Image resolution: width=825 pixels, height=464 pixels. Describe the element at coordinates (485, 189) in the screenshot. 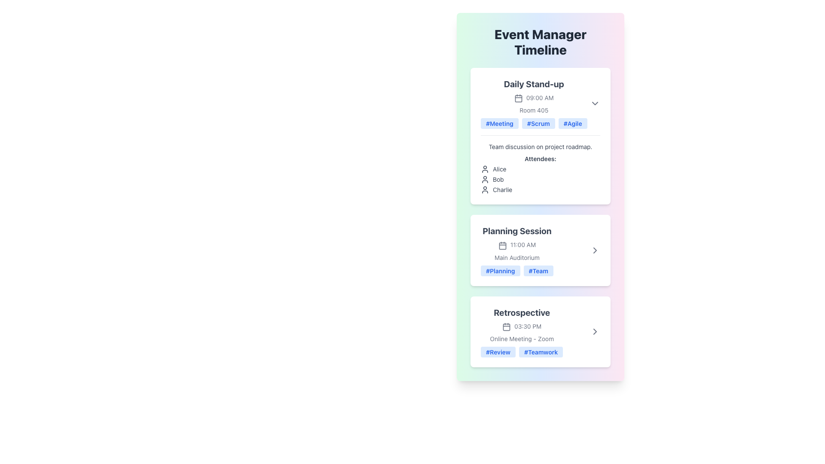

I see `the dark gray outline of a person's bust icon located within the 'Daily Stand-up' card under 'Attendees' before the text 'Charlie'` at that location.